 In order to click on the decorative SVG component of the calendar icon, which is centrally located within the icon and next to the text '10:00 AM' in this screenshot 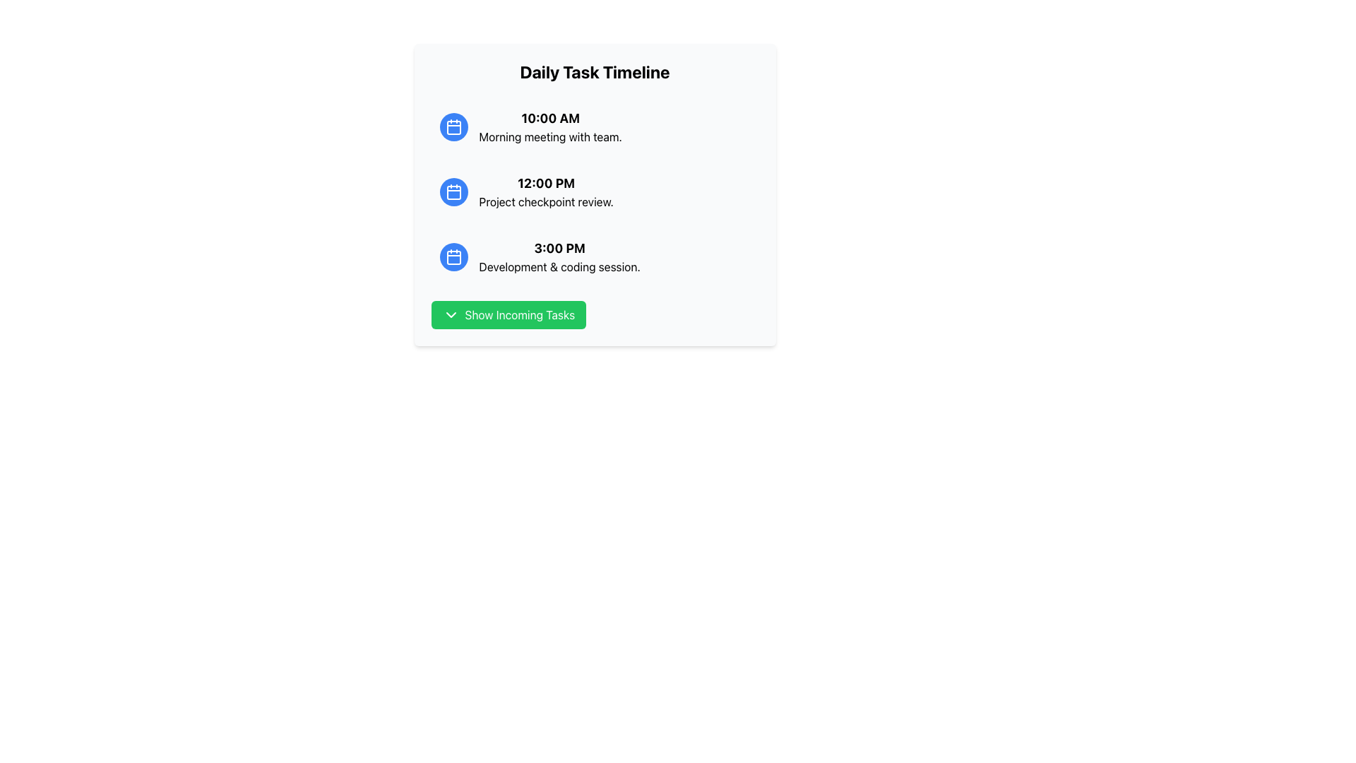, I will do `click(453, 128)`.